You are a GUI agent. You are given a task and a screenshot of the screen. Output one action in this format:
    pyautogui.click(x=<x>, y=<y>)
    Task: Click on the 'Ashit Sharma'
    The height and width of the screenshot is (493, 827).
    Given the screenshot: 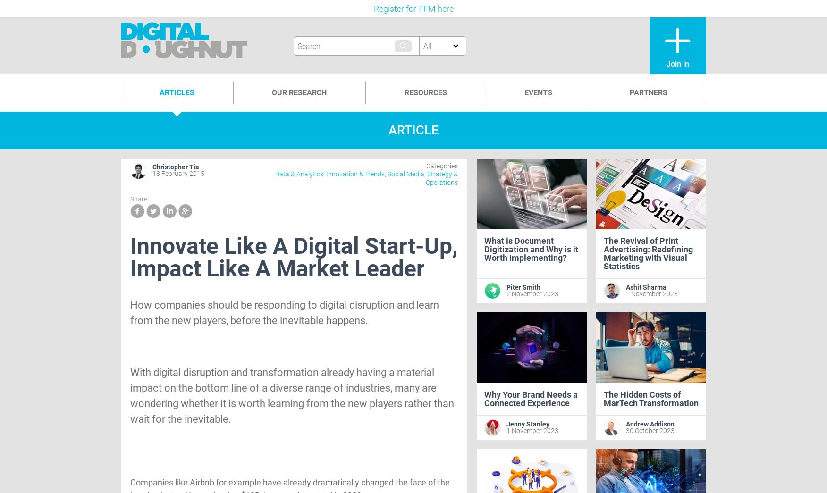 What is the action you would take?
    pyautogui.click(x=646, y=287)
    